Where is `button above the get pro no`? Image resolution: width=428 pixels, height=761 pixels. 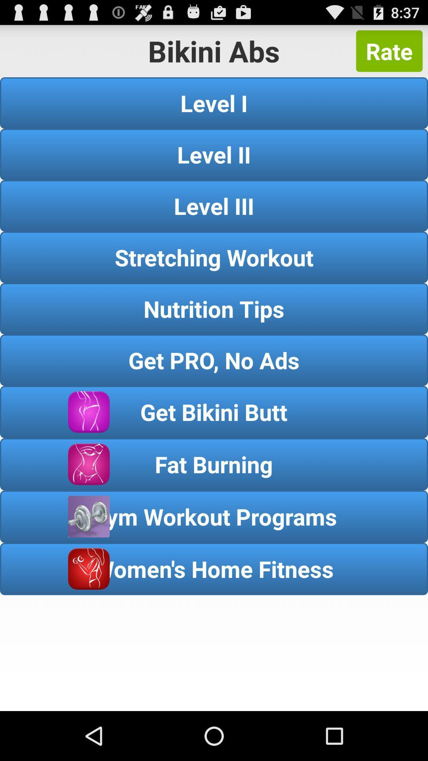
button above the get pro no is located at coordinates (214, 308).